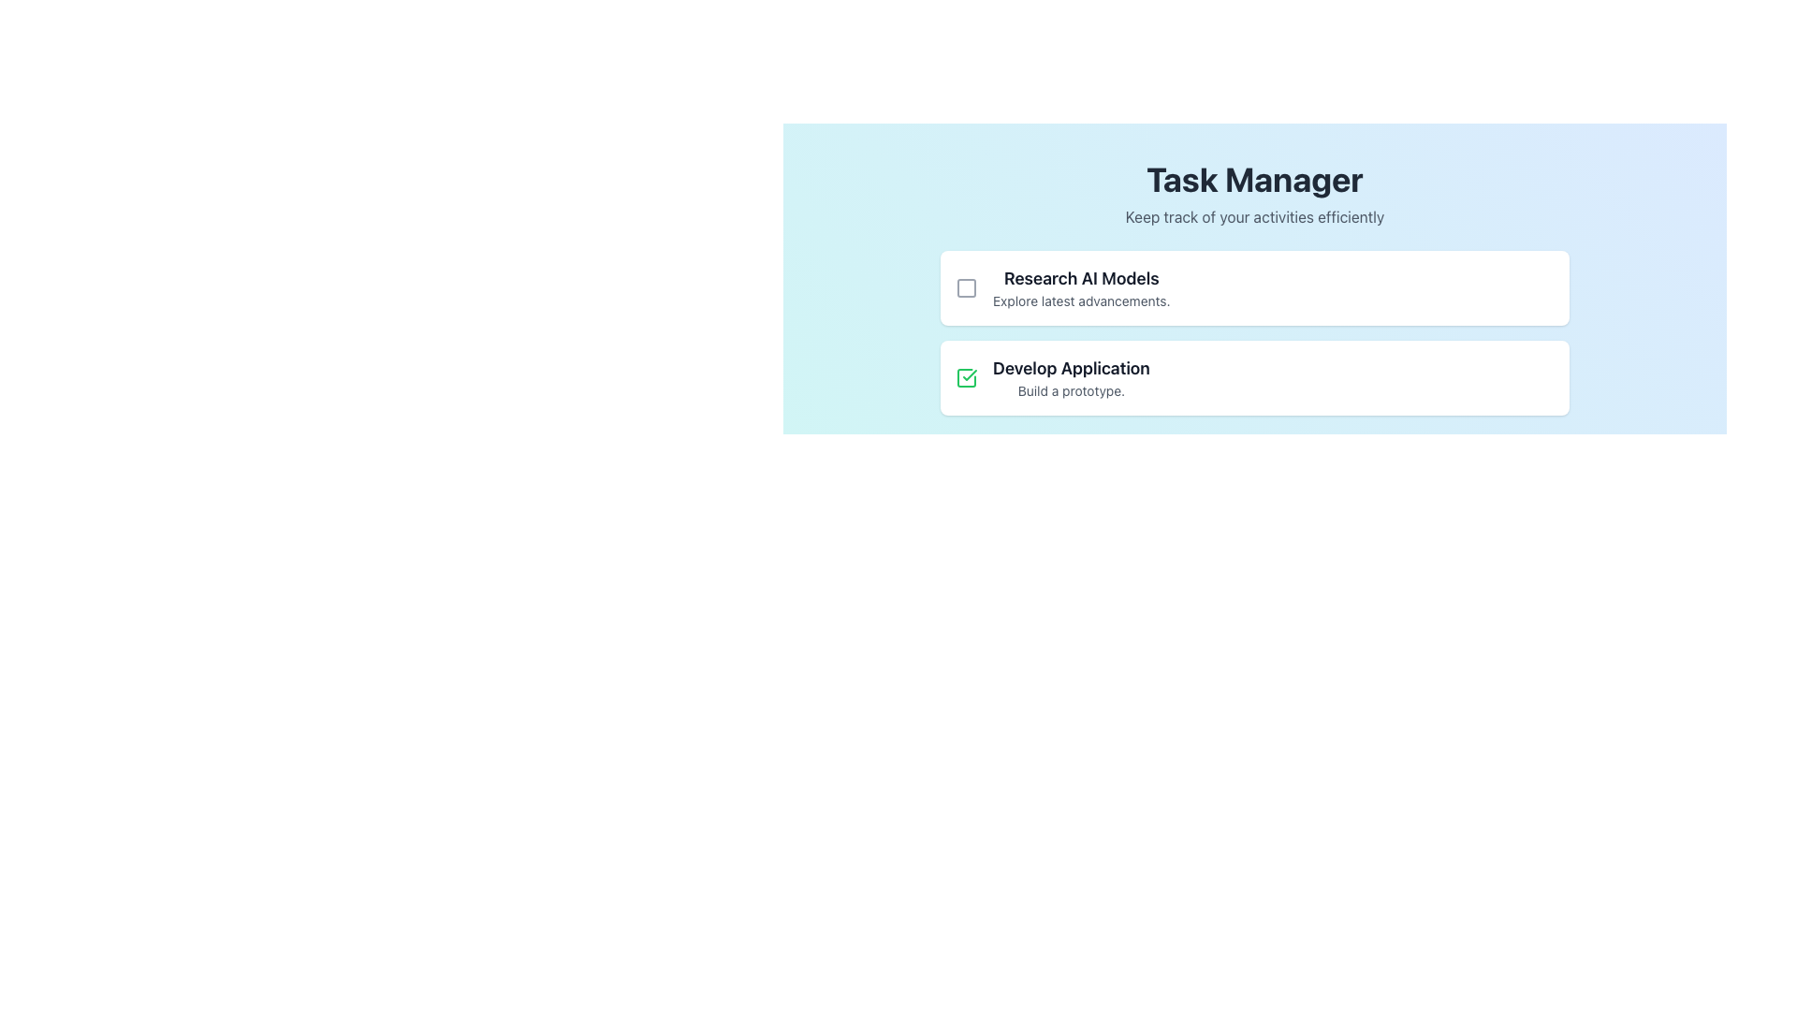 The width and height of the screenshot is (1797, 1011). I want to click on the Text Label providing additional descriptive information for the task item 'Research AI Models', located under the main heading 'Task Manager', so click(1081, 300).